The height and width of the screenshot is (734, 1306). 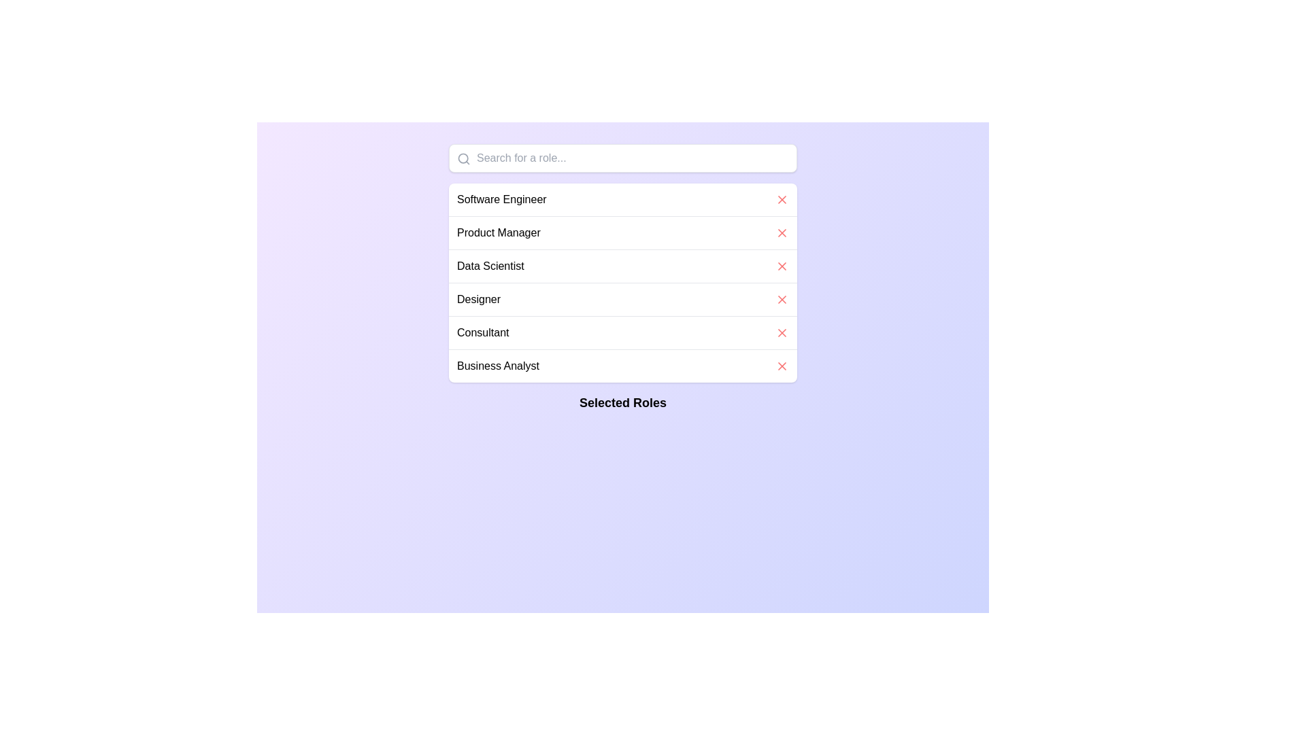 What do you see at coordinates (782, 266) in the screenshot?
I see `the delete button represented by the 'X' icon located to the far right of the 'Data Scientist' row in the list, which is the fourth row down` at bounding box center [782, 266].